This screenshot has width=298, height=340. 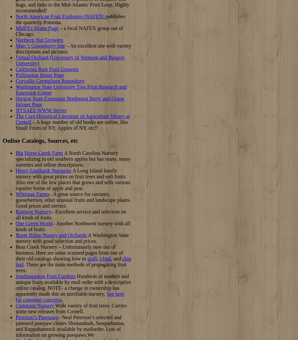 I want to click on 'A Long Island family nursery with great prices on fruit trees and soft fruits. Also one of the few places that grows and sells various espalier forms of apple and pear.', so click(x=73, y=179).